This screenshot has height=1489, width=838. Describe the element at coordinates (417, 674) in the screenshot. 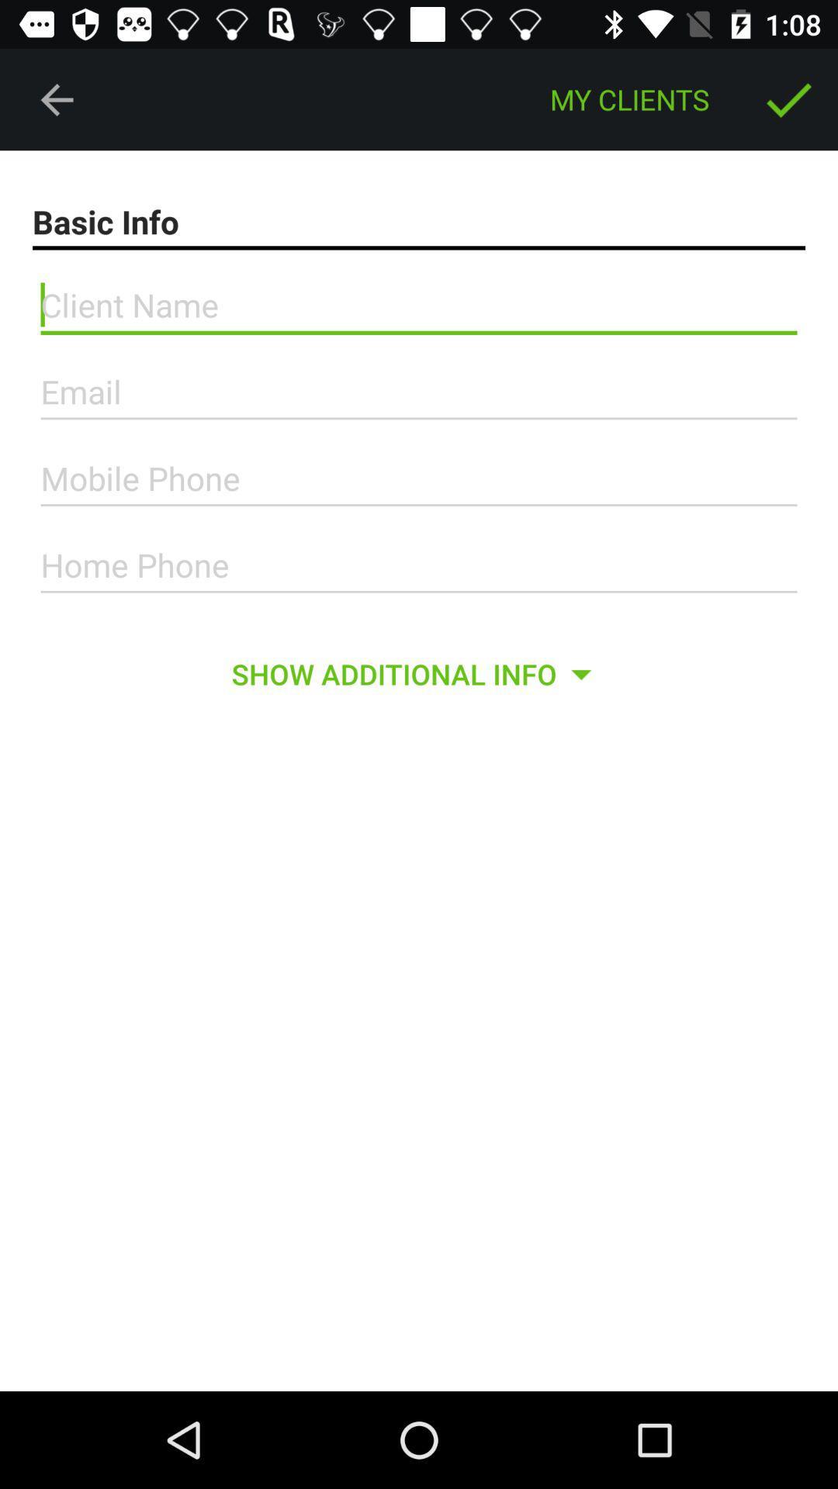

I see `show additional info item` at that location.